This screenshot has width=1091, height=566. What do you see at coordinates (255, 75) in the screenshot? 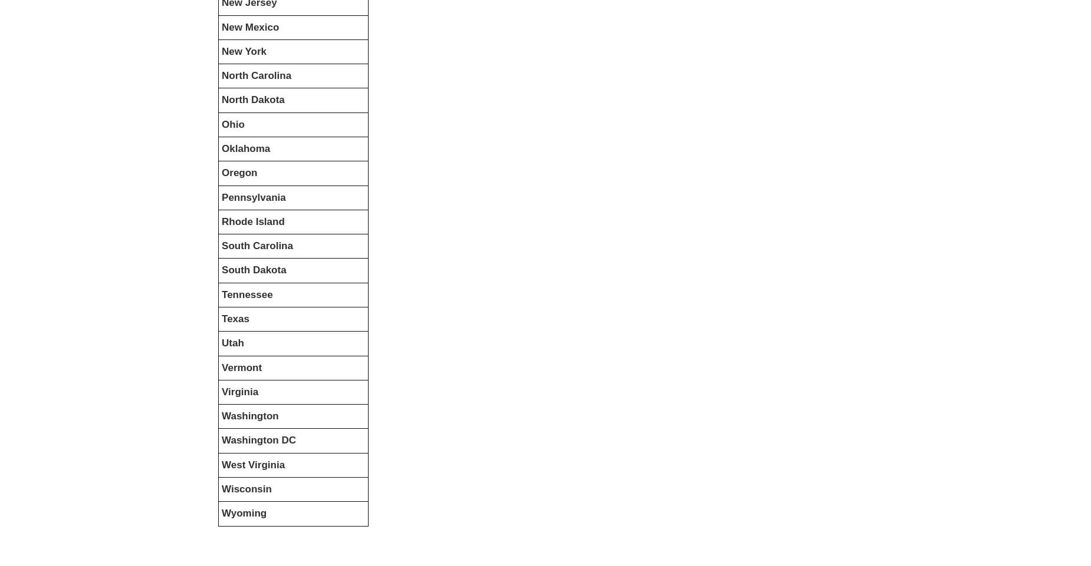
I see `'North Carolina'` at bounding box center [255, 75].